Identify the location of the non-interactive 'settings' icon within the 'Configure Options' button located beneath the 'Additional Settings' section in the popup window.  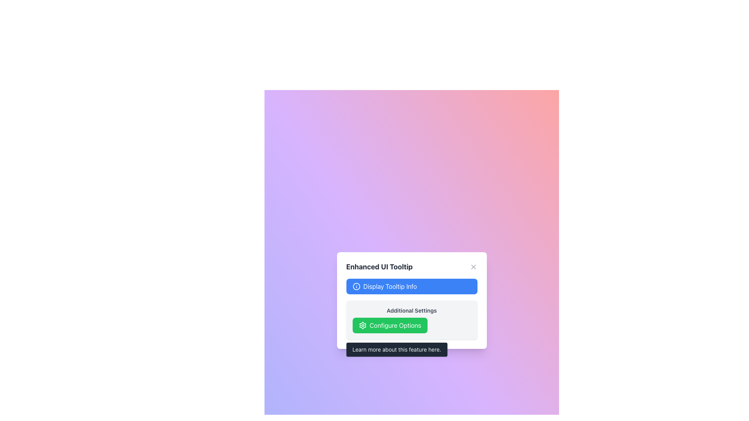
(362, 325).